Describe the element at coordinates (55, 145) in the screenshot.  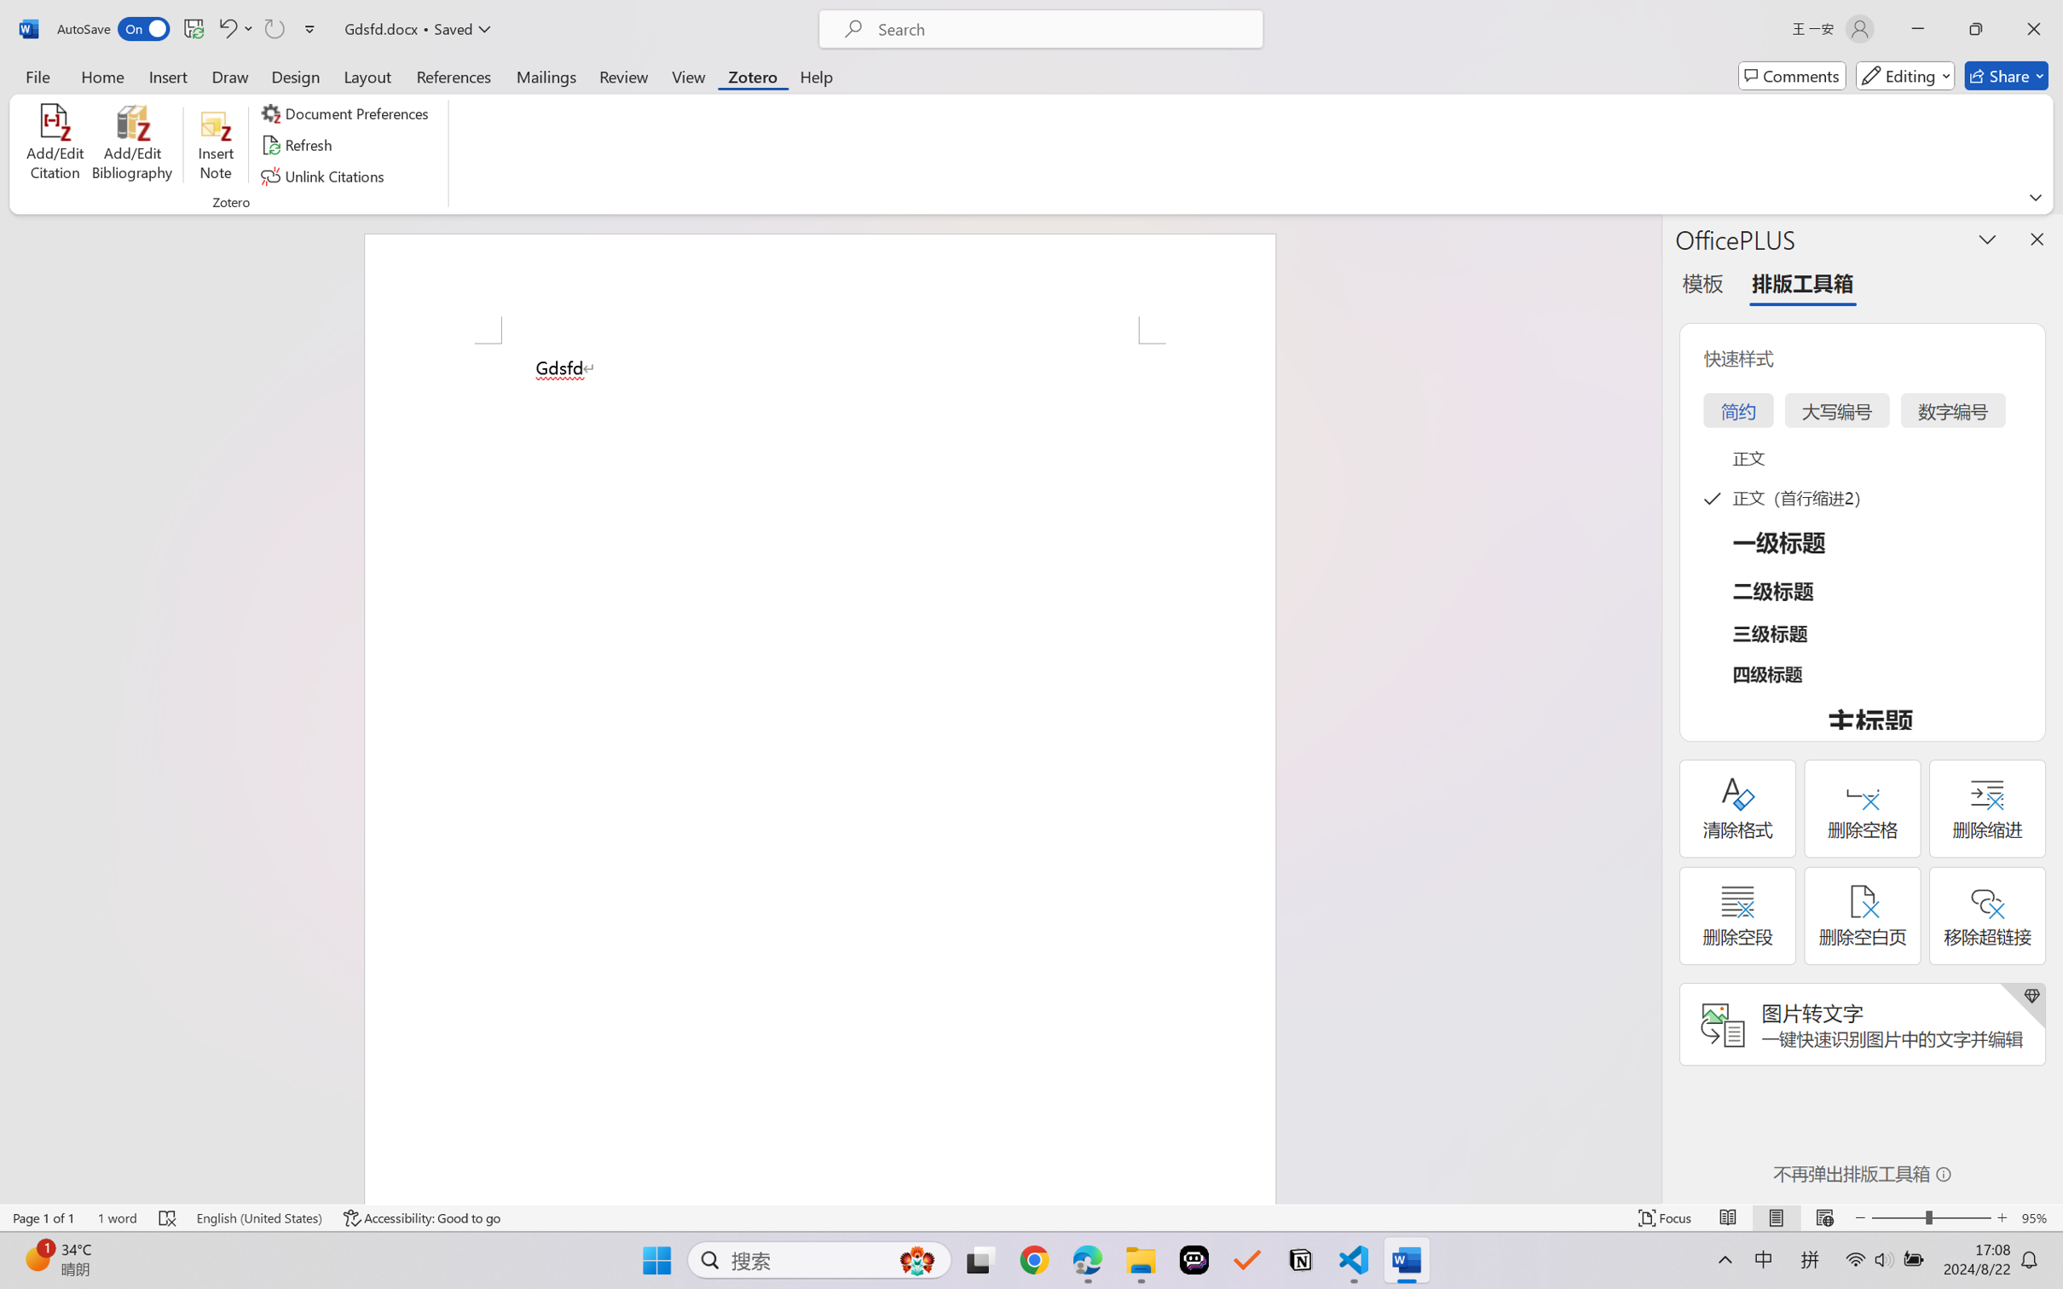
I see `'Add/Edit Citation'` at that location.